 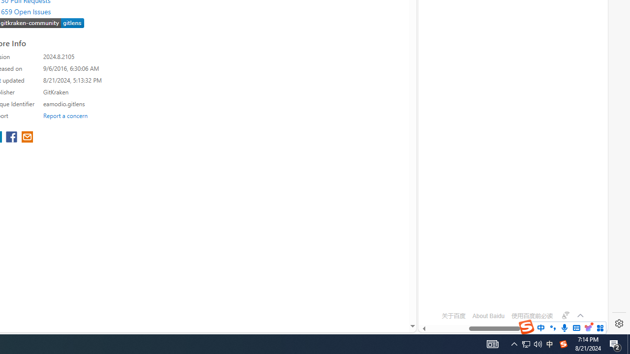 I want to click on 'Global web icon', so click(x=437, y=288).